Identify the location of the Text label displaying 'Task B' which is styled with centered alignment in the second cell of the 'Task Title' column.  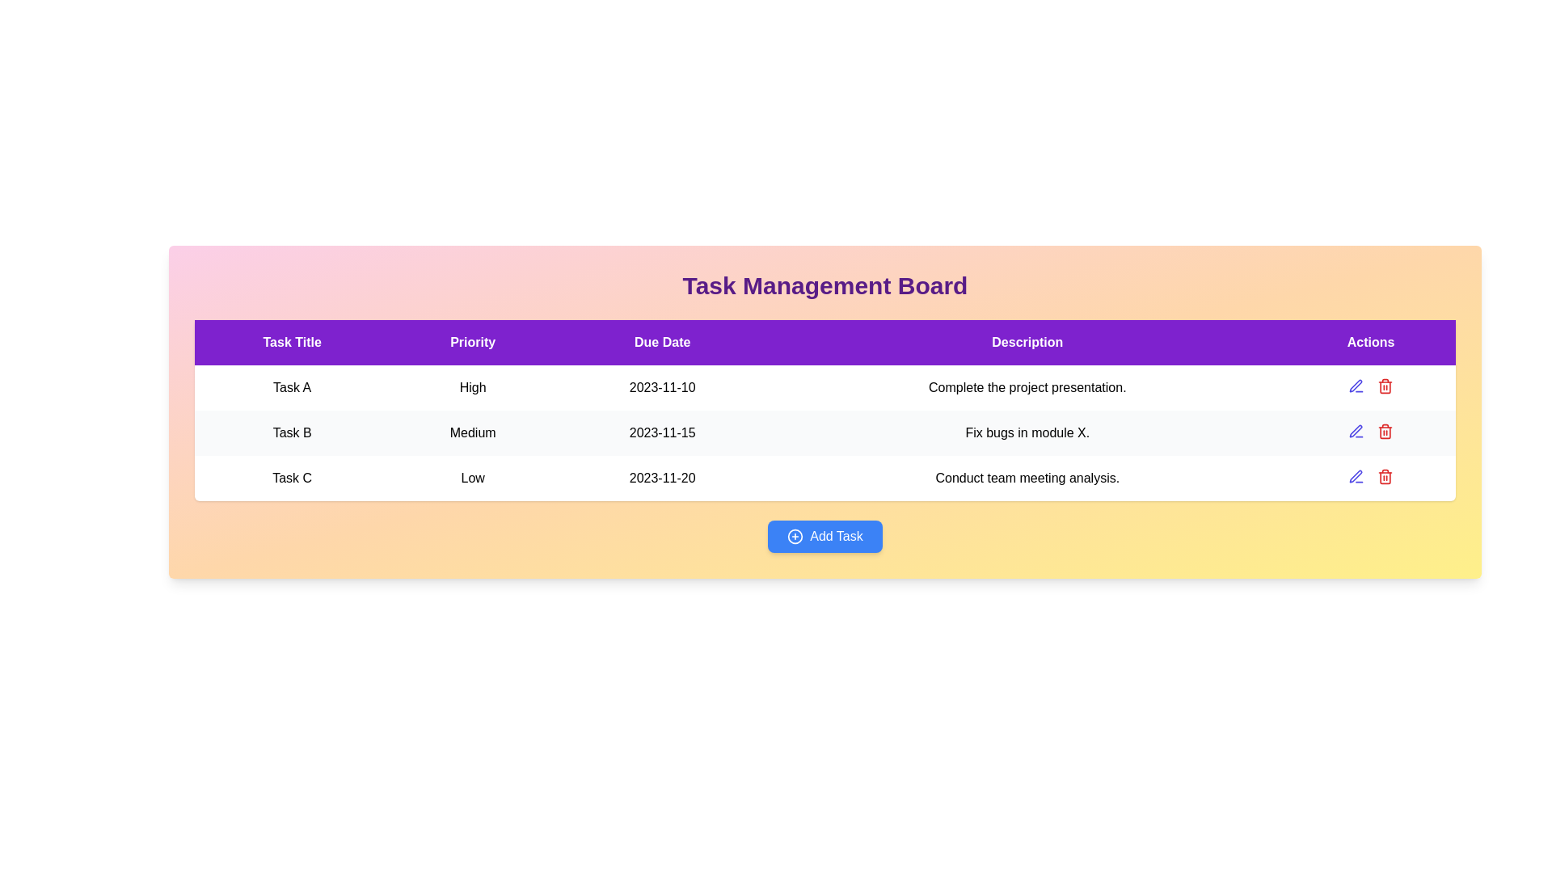
(292, 432).